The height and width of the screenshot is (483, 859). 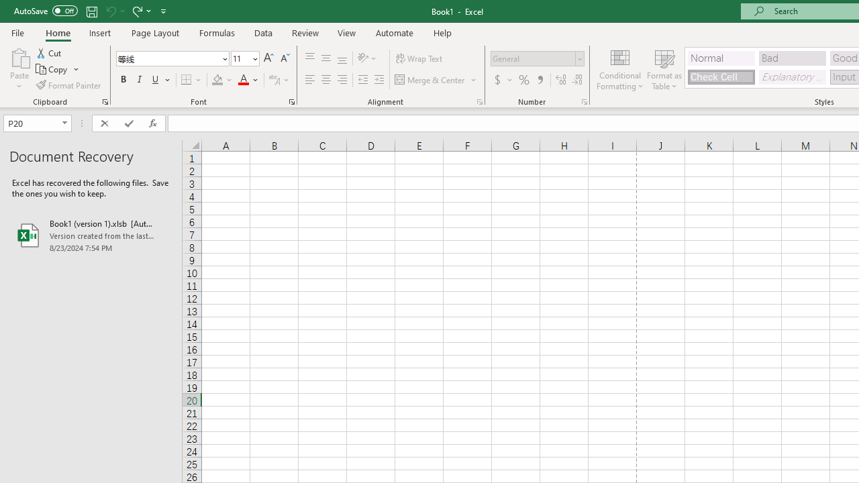 What do you see at coordinates (68, 85) in the screenshot?
I see `'Format Painter'` at bounding box center [68, 85].